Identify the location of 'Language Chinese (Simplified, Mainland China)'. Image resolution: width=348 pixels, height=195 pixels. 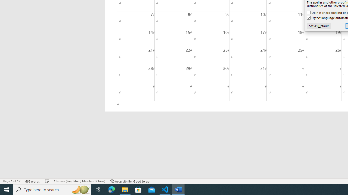
(79, 181).